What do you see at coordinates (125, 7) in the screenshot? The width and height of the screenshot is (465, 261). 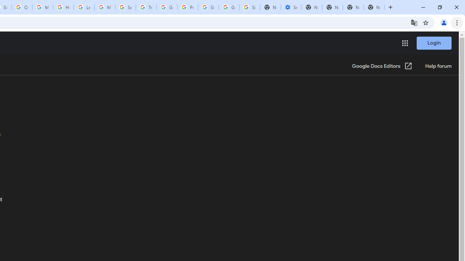 I see `'Search our Doodle Library Collection - Google Doodles'` at bounding box center [125, 7].